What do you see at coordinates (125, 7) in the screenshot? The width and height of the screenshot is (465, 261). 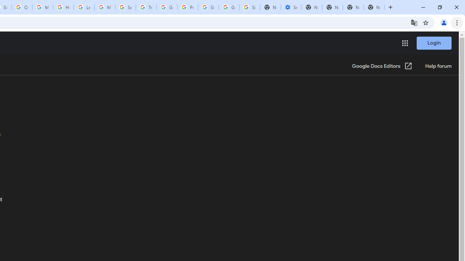 I see `'Search our Doodle Library Collection - Google Doodles'` at bounding box center [125, 7].